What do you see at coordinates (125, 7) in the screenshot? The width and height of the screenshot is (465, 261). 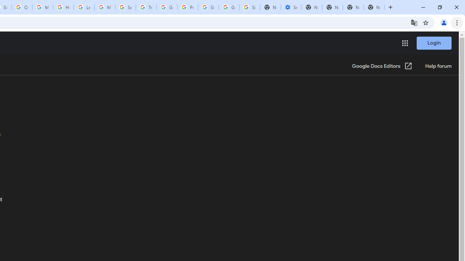 I see `'Search our Doodle Library Collection - Google Doodles'` at bounding box center [125, 7].